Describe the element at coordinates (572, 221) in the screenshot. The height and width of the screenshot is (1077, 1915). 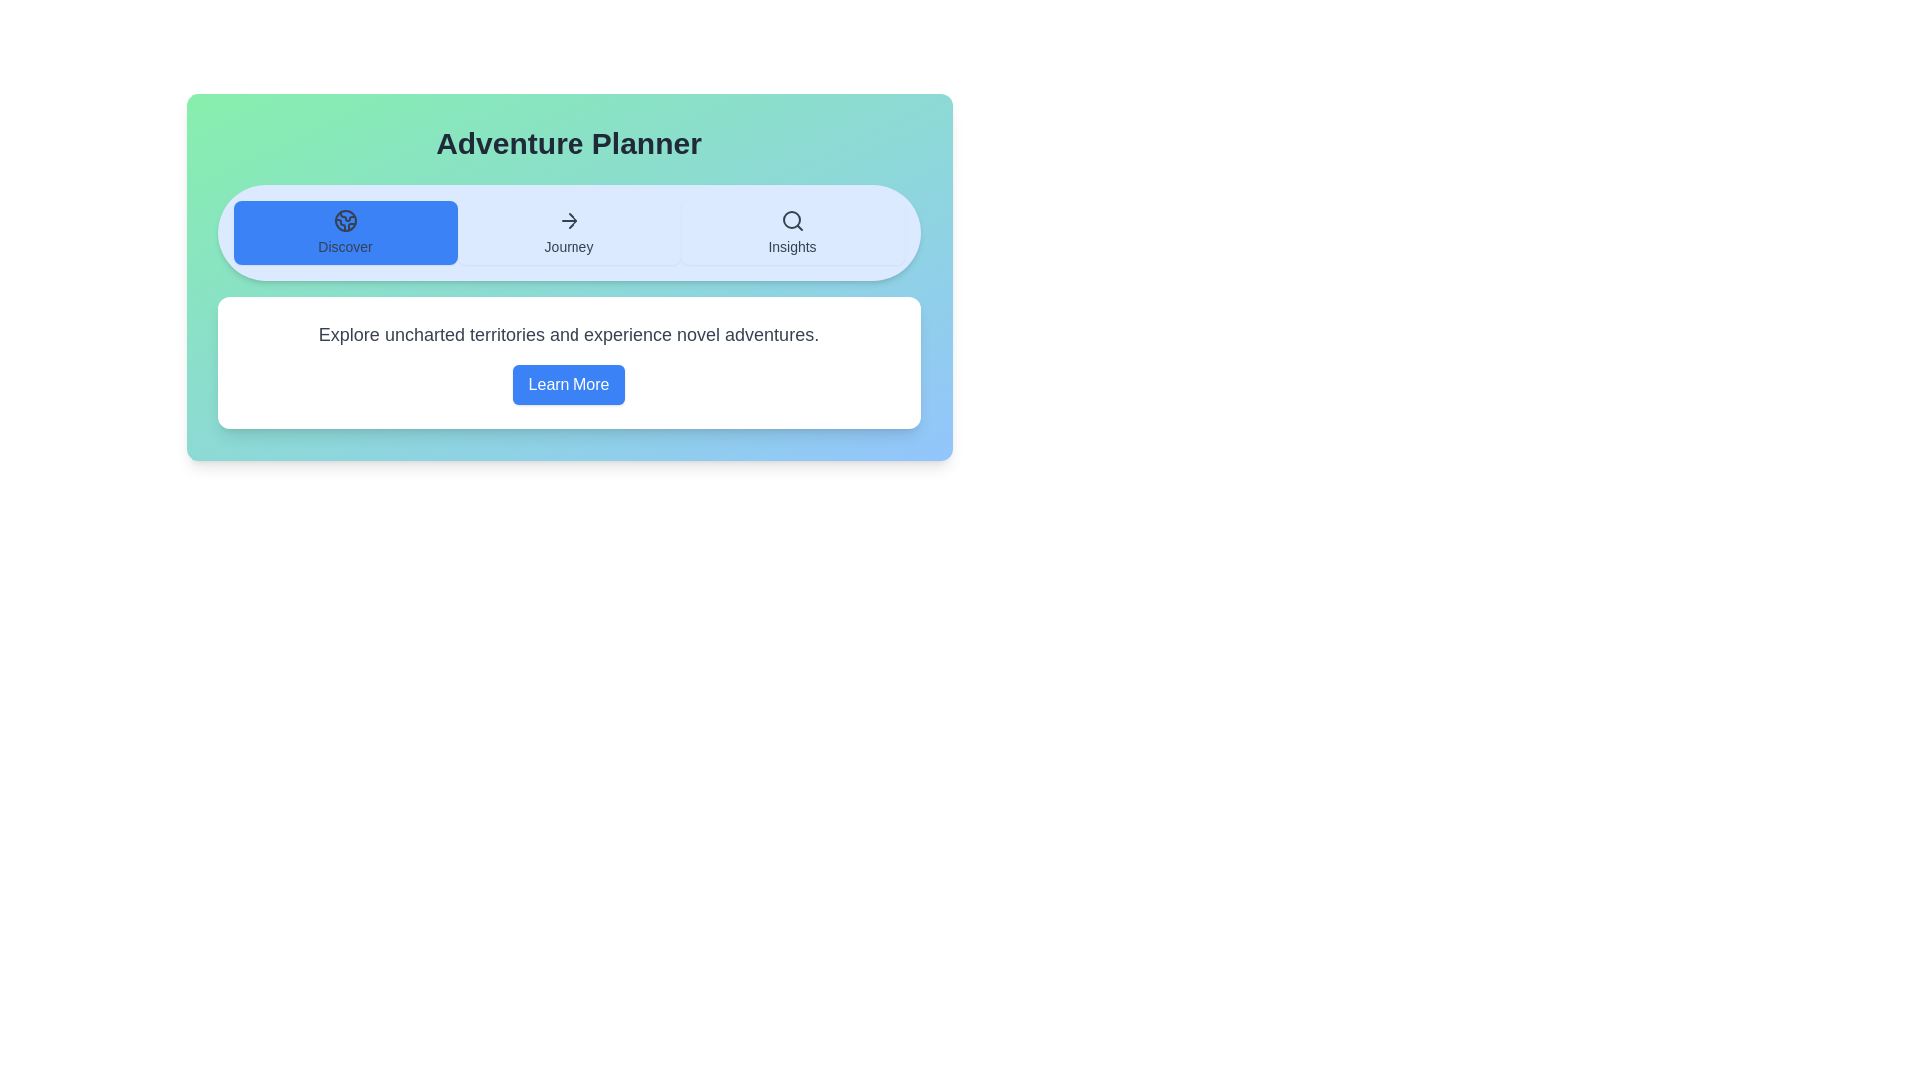
I see `the right-facing arrow icon within the 'Journey' button` at that location.